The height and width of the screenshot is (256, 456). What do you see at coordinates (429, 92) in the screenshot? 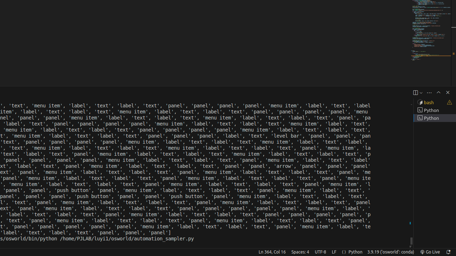
I see `'Views and More Actions...'` at bounding box center [429, 92].